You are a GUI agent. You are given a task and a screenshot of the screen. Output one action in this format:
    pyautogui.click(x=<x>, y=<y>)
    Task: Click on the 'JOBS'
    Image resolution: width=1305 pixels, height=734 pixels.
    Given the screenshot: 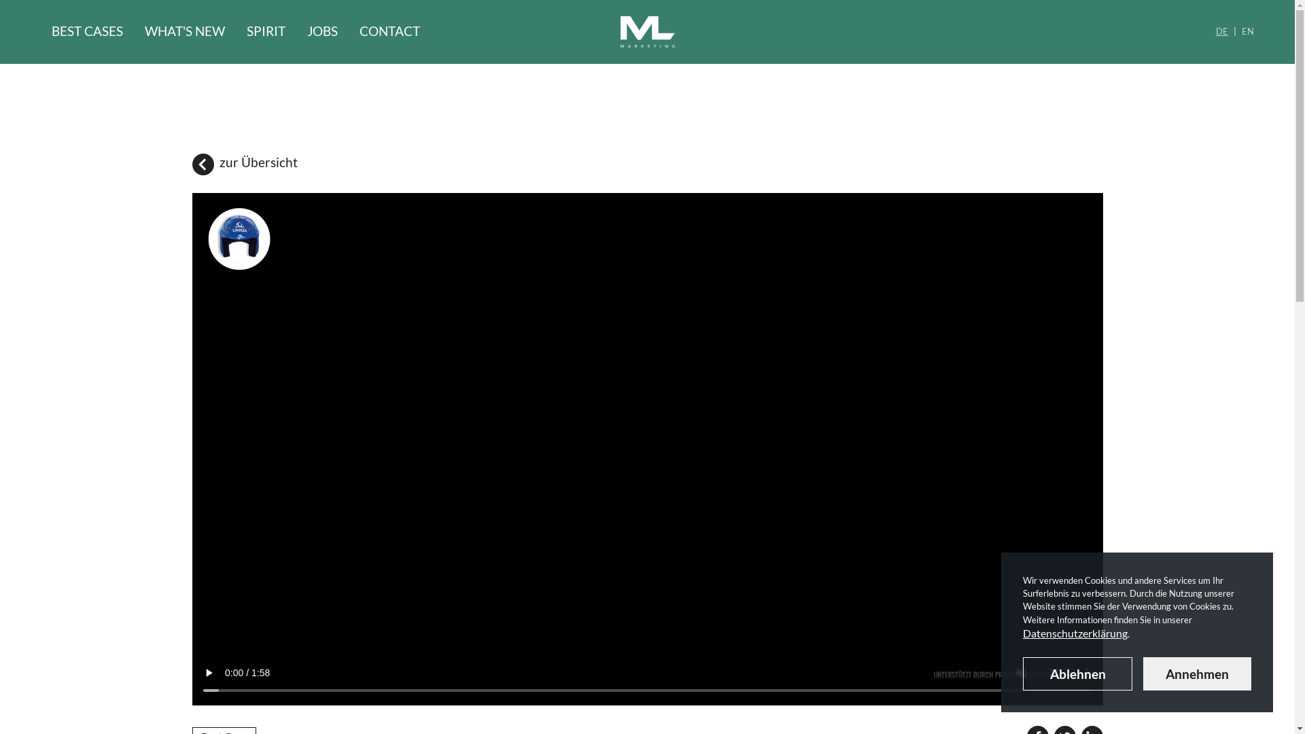 What is the action you would take?
    pyautogui.click(x=321, y=31)
    